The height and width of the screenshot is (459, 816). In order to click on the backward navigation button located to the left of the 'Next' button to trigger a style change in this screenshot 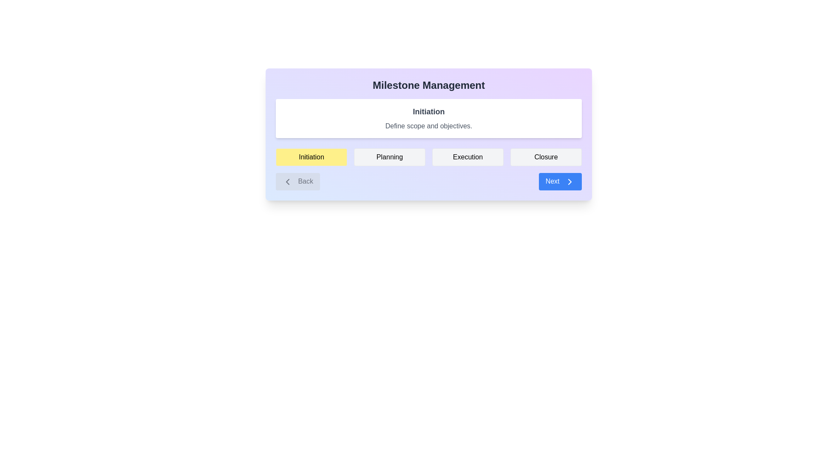, I will do `click(297, 181)`.